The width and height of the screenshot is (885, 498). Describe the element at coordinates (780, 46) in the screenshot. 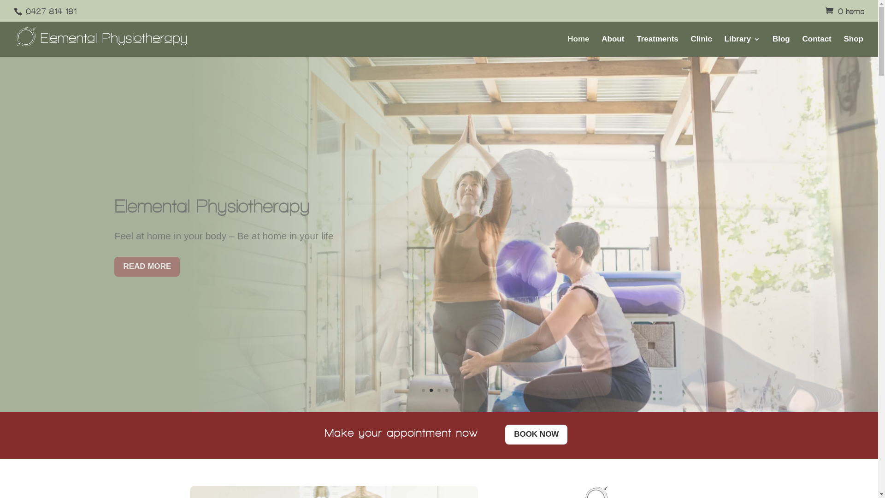

I see `'Blog'` at that location.